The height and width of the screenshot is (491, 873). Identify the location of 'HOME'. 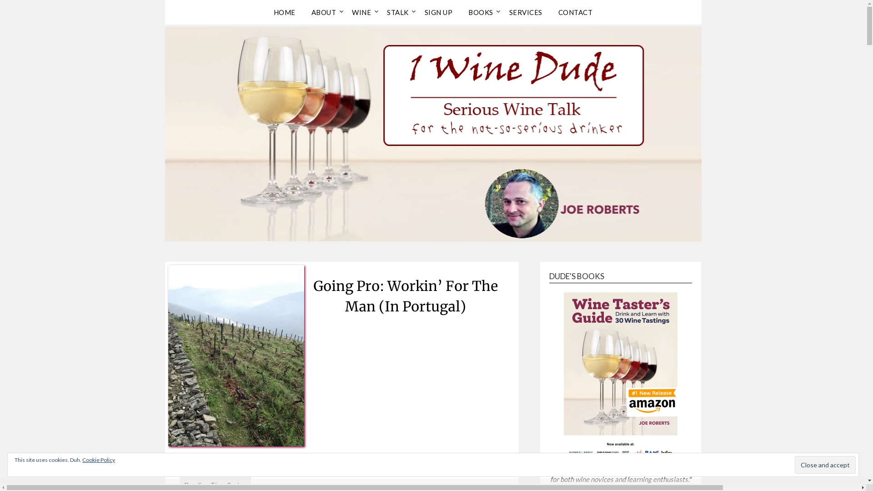
(284, 12).